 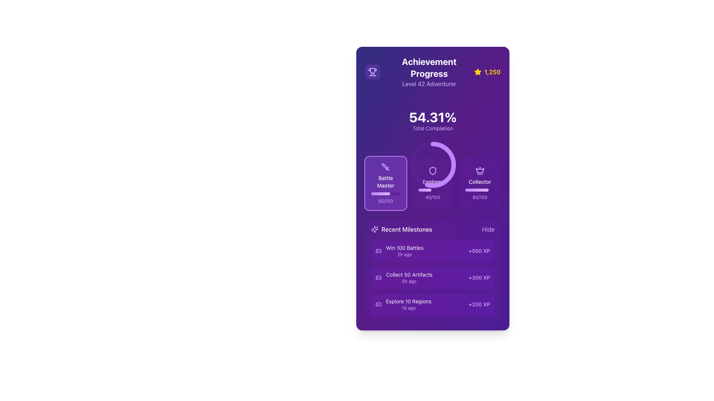 What do you see at coordinates (480, 190) in the screenshot?
I see `the progress bar located centrally within the 'Collector' card, which is positioned below the label 'Collector' and above the numerical value '80/100'` at bounding box center [480, 190].